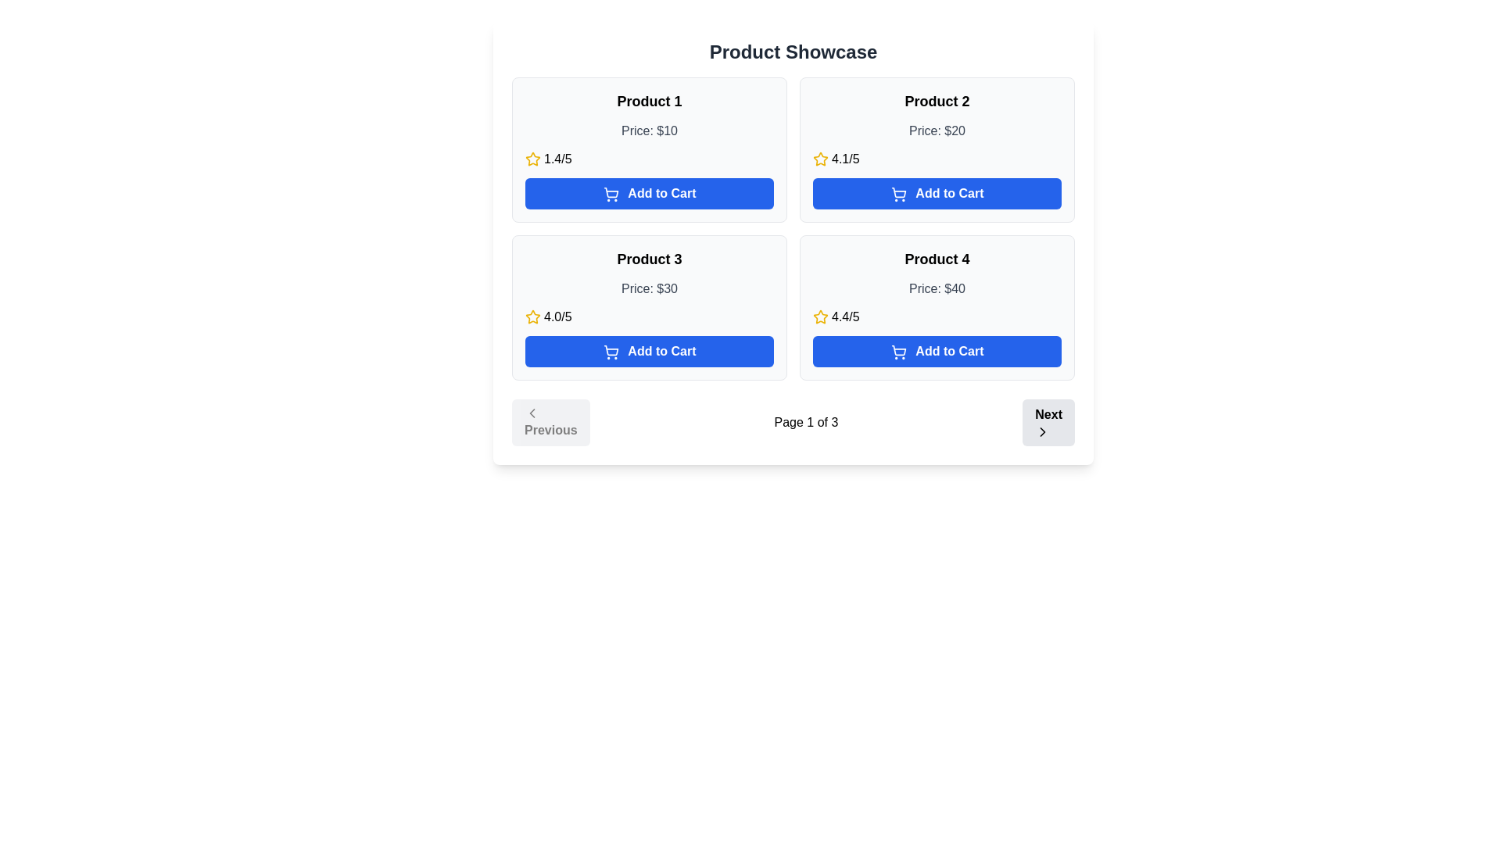 The width and height of the screenshot is (1501, 844). What do you see at coordinates (1043, 431) in the screenshot?
I see `the 'Next' button located at the bottom-right corner of the layout` at bounding box center [1043, 431].